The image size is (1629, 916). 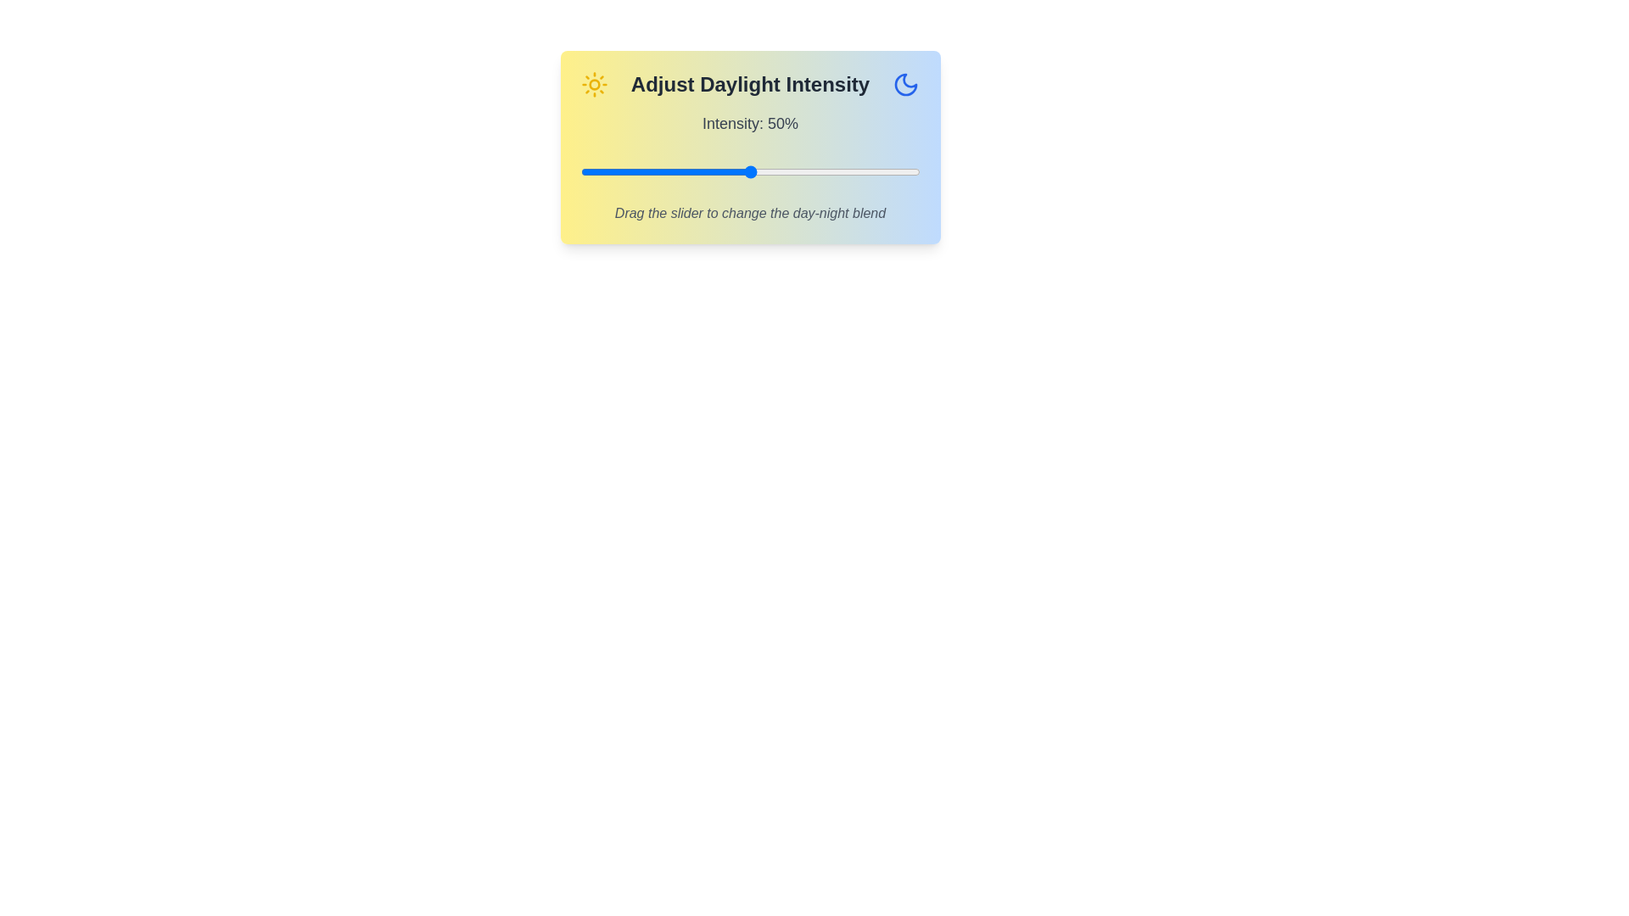 I want to click on the daylight intensity slider to 52%, so click(x=756, y=172).